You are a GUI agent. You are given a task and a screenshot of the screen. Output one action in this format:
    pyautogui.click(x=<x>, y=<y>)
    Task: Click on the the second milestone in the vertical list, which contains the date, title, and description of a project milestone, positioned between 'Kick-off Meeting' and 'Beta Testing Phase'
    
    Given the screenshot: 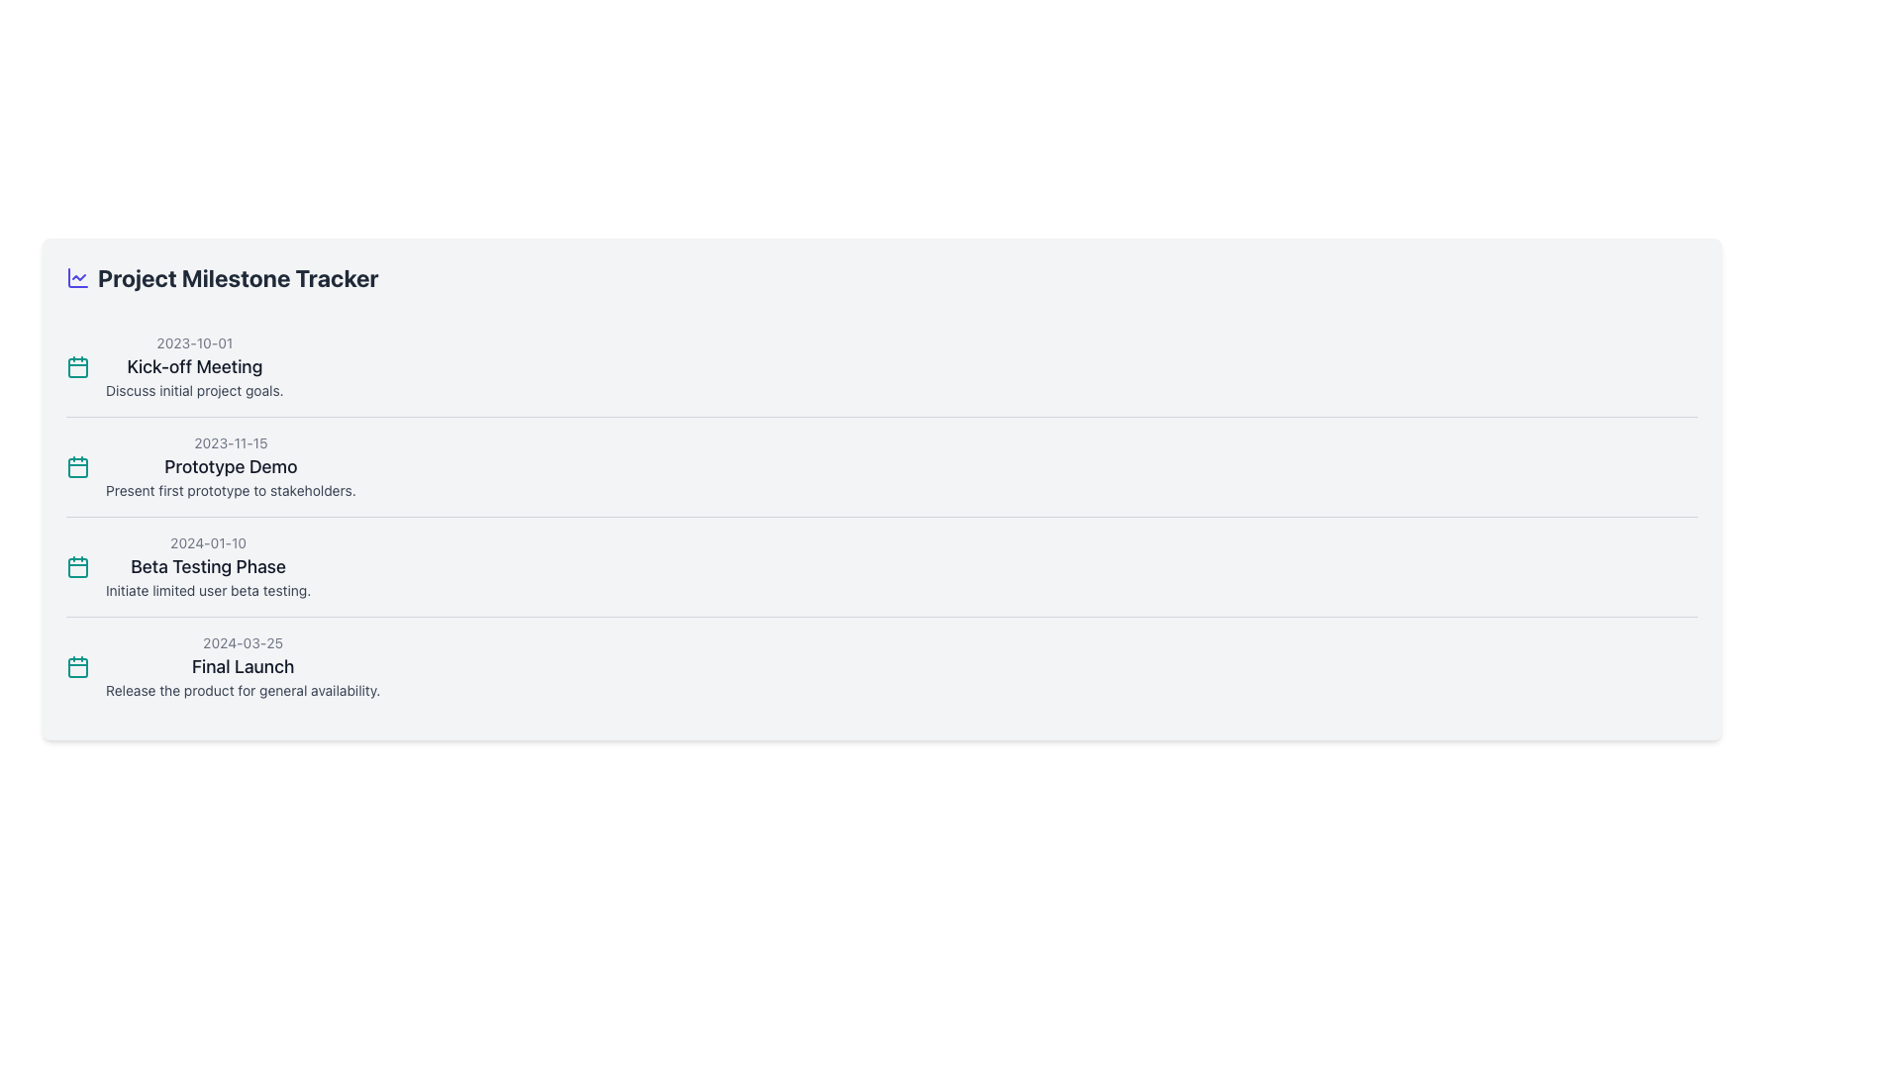 What is the action you would take?
    pyautogui.click(x=881, y=466)
    